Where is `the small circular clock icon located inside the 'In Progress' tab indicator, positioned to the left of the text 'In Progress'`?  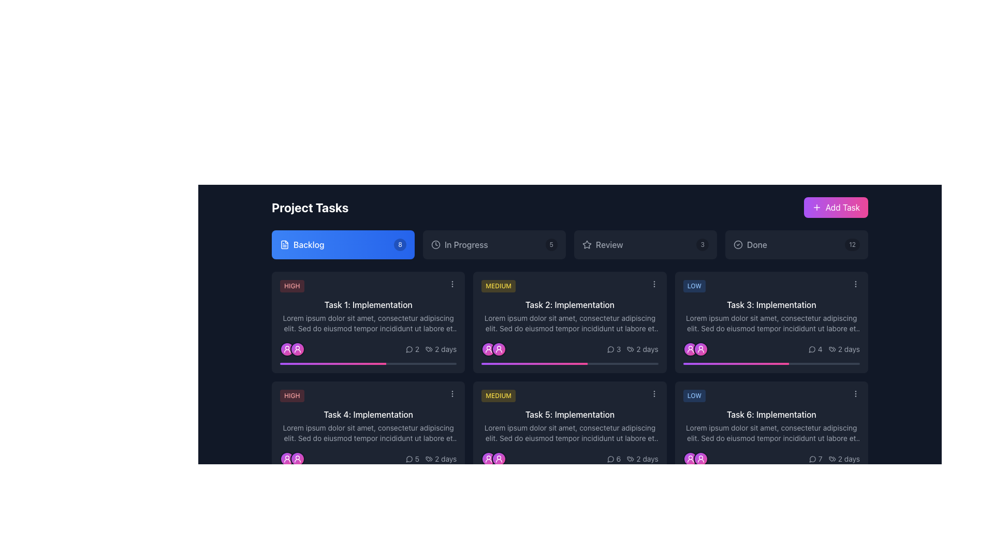 the small circular clock icon located inside the 'In Progress' tab indicator, positioned to the left of the text 'In Progress' is located at coordinates (435, 245).